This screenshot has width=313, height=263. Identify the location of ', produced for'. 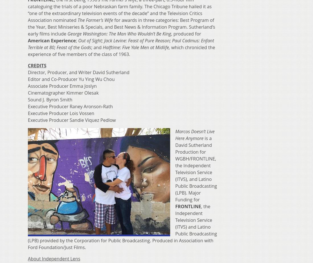
(186, 33).